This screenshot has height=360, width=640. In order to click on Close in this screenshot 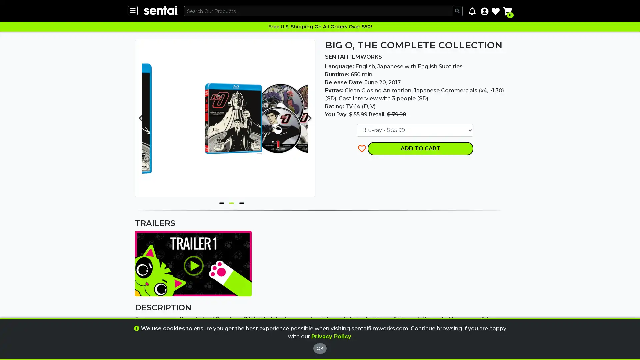, I will do `click(355, 305)`.